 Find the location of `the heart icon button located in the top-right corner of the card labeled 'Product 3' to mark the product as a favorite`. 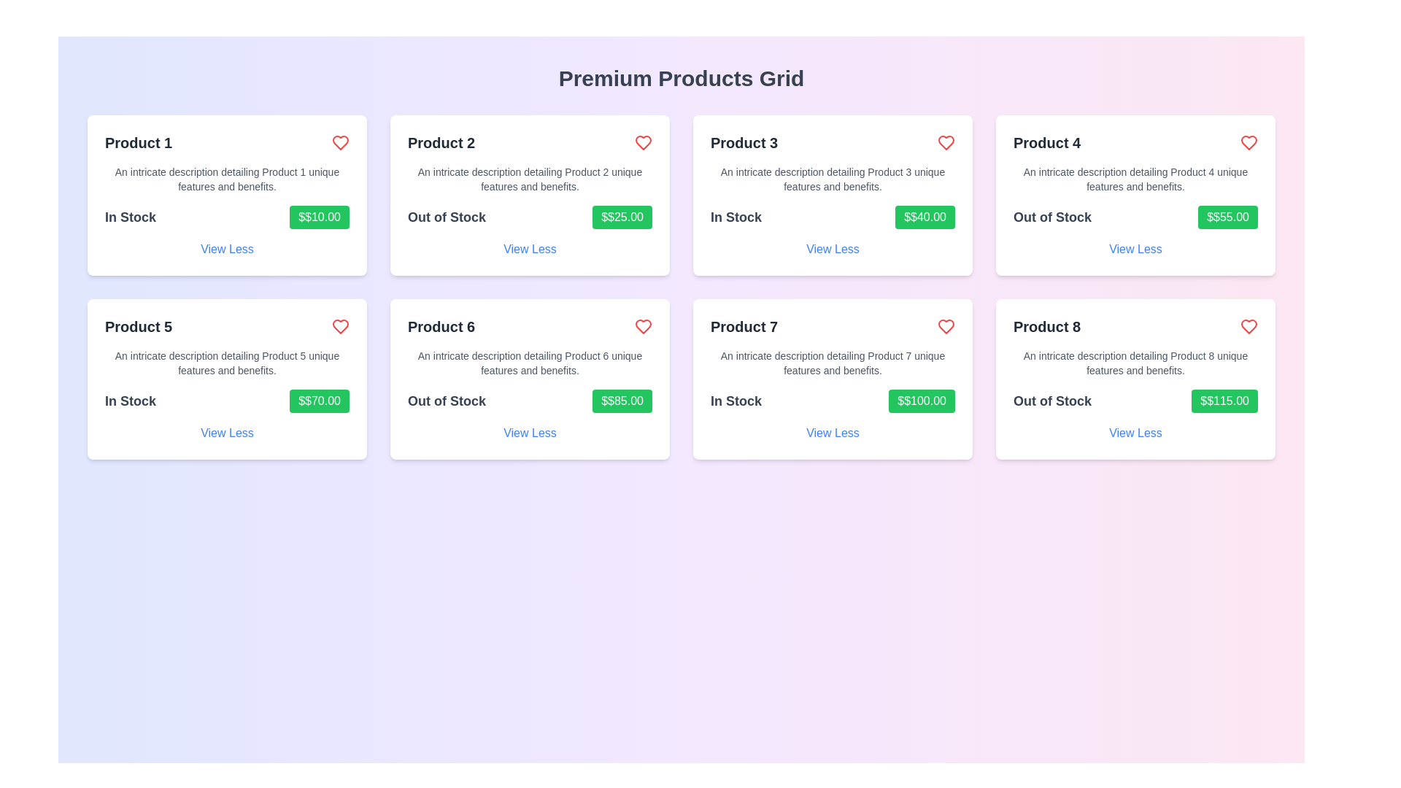

the heart icon button located in the top-right corner of the card labeled 'Product 3' to mark the product as a favorite is located at coordinates (946, 325).